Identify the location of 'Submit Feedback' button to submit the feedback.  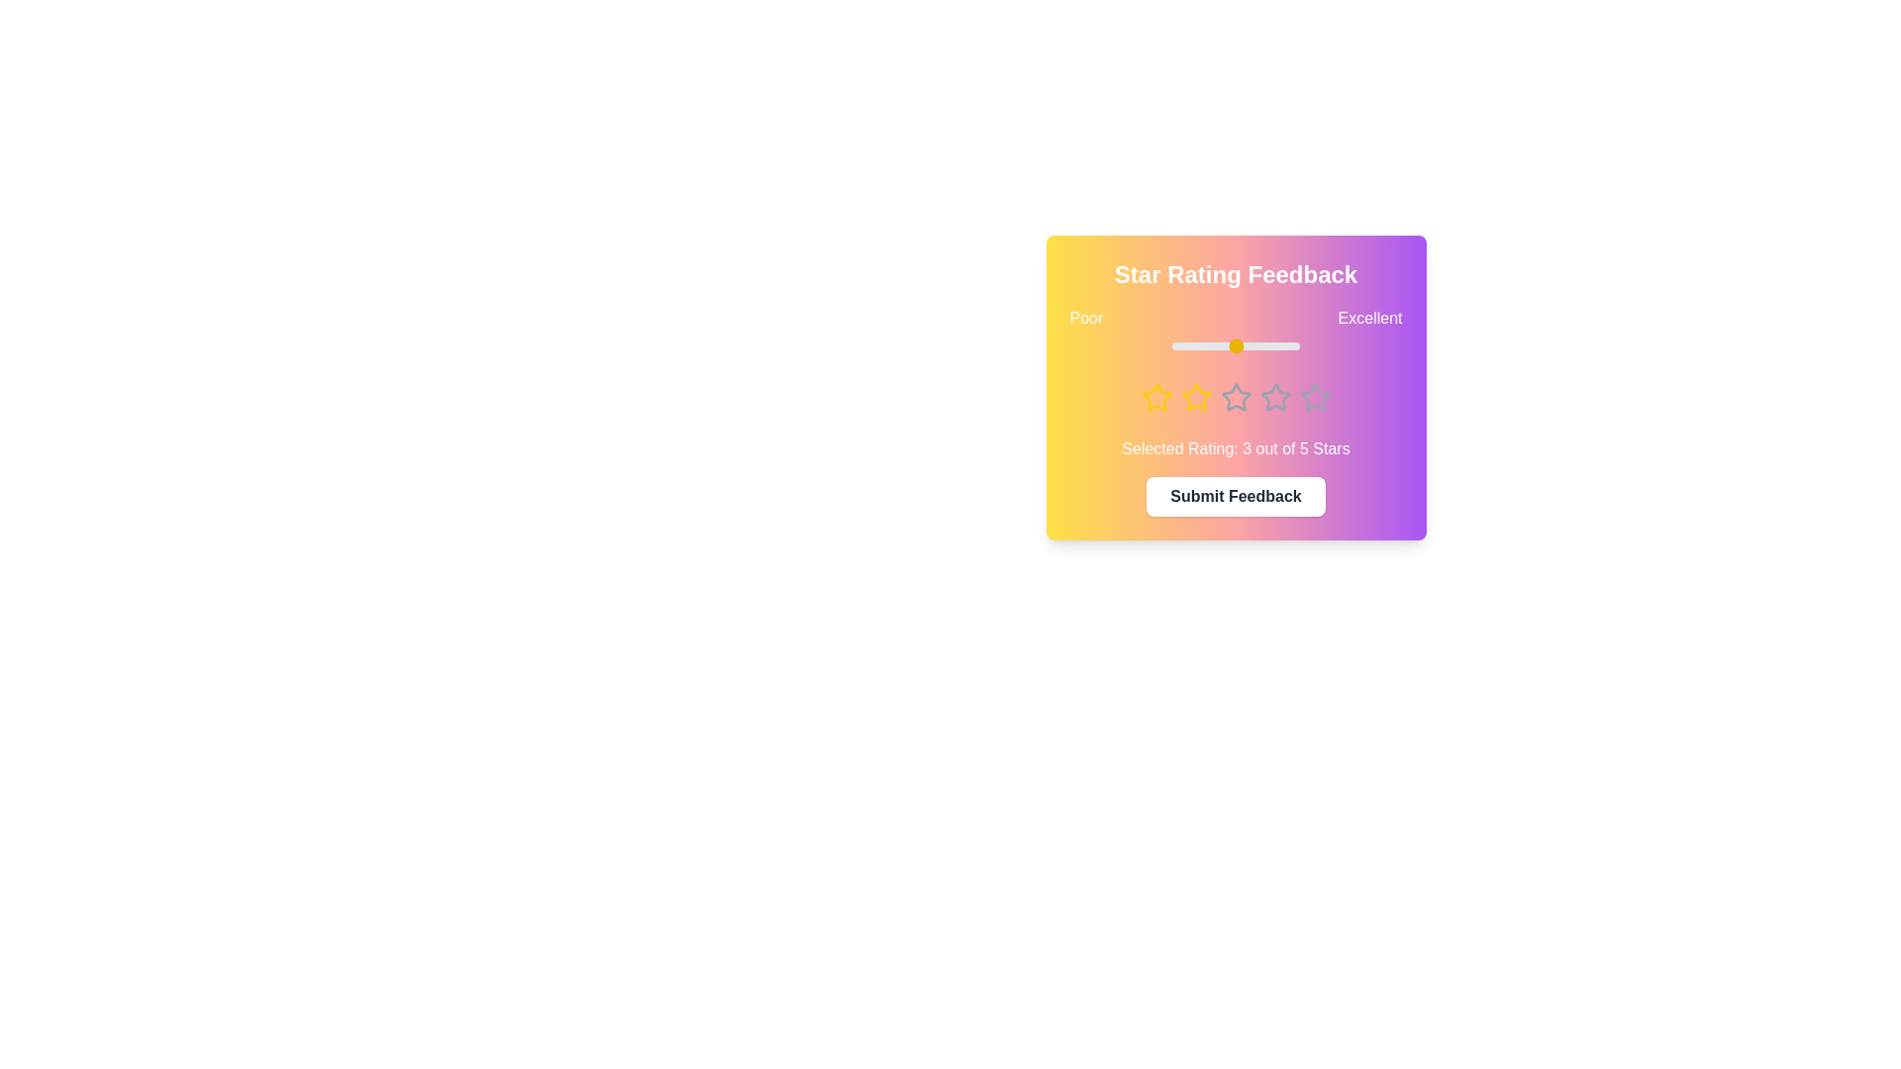
(1235, 495).